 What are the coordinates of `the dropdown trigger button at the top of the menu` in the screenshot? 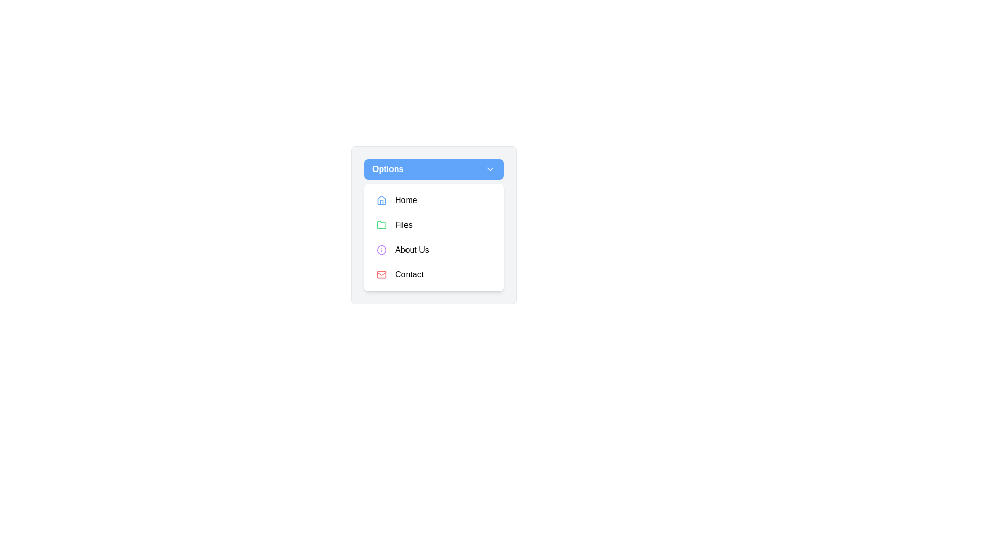 It's located at (434, 168).